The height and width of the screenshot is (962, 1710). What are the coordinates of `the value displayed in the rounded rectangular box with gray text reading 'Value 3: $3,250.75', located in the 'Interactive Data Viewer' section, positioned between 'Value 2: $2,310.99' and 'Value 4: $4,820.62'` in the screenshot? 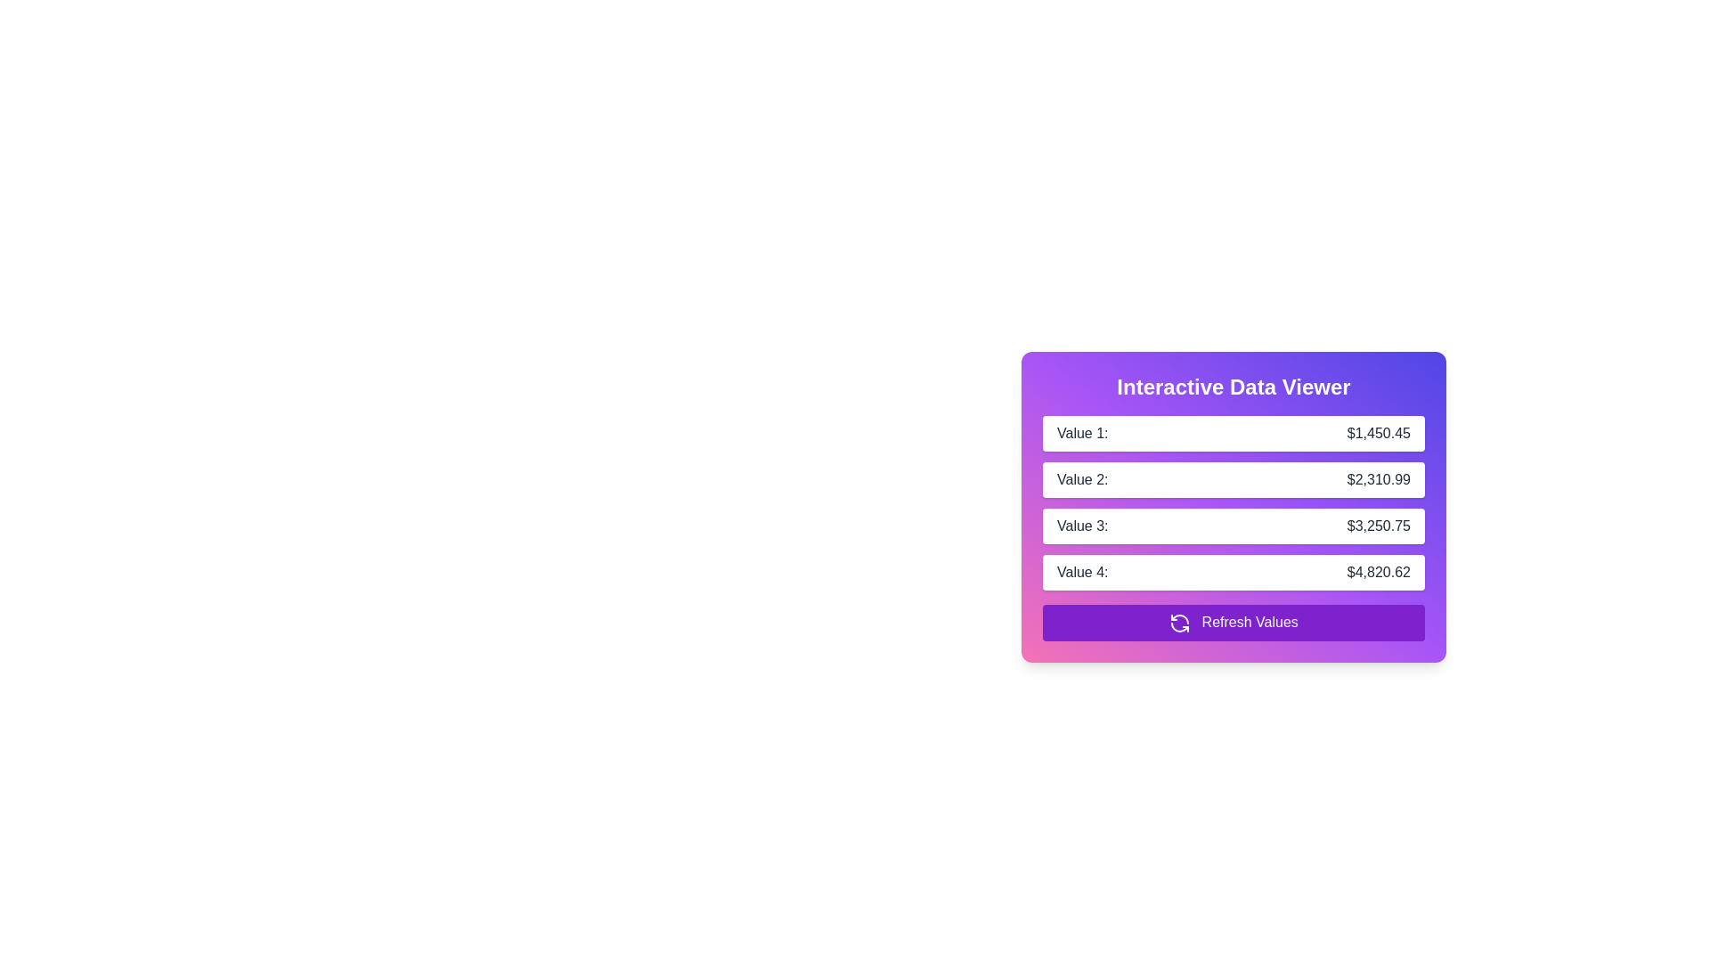 It's located at (1233, 525).